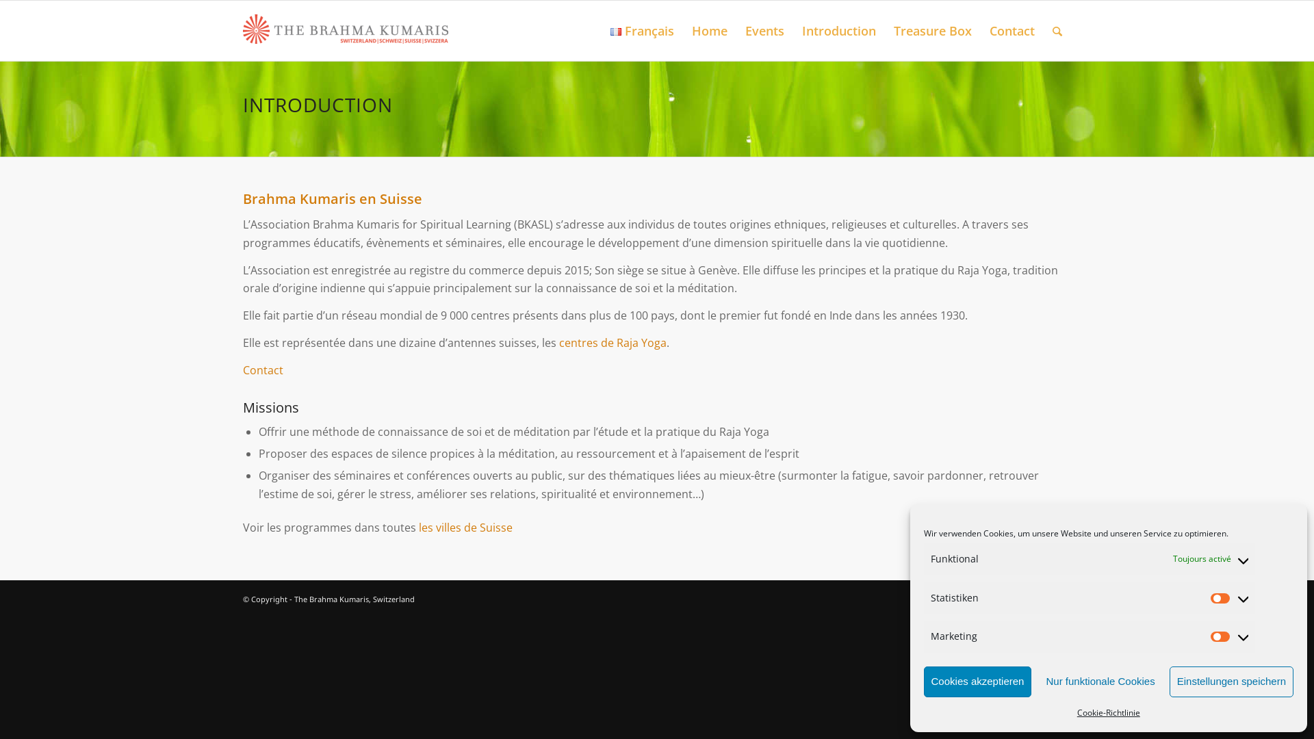  What do you see at coordinates (1231, 682) in the screenshot?
I see `'Einstellungen speichern'` at bounding box center [1231, 682].